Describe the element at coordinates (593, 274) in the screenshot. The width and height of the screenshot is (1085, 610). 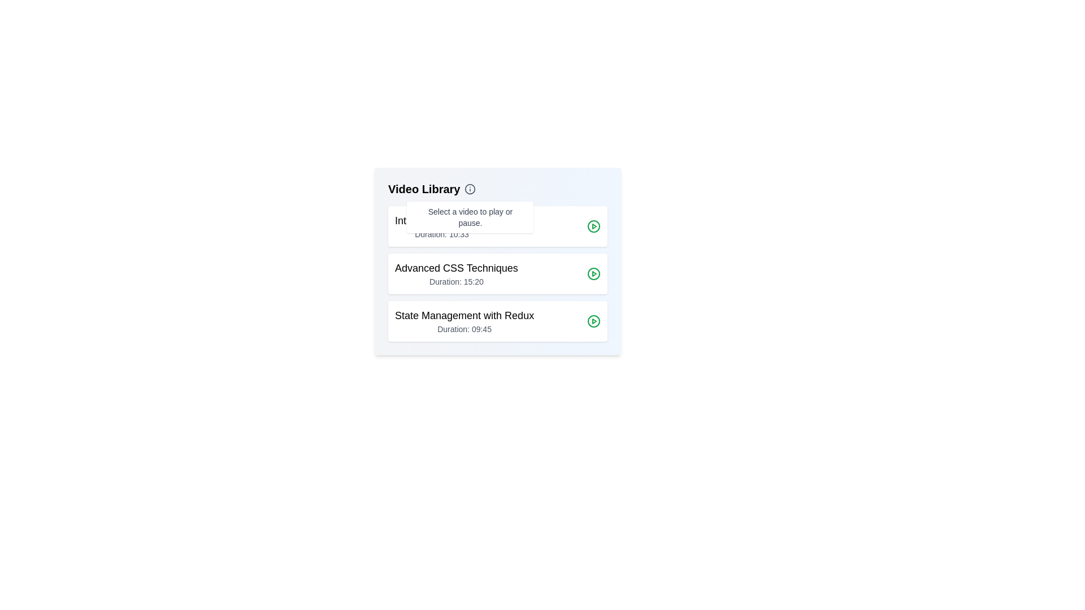
I see `the circular play button with a green outline and triangular play symbol located at the far-right side of the 'Advanced CSS Techniques' video card` at that location.